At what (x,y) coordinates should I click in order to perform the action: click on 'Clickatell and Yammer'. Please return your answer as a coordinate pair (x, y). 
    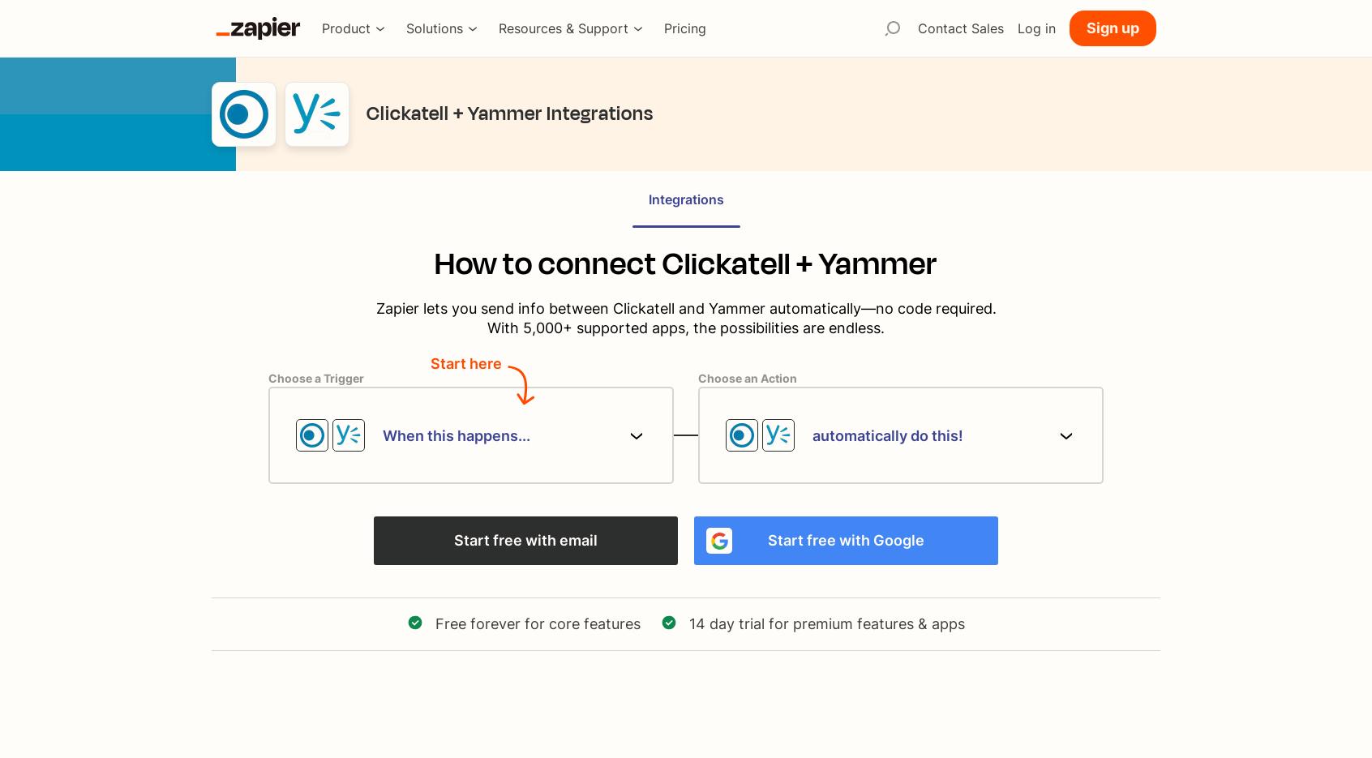
    Looking at the image, I should click on (688, 307).